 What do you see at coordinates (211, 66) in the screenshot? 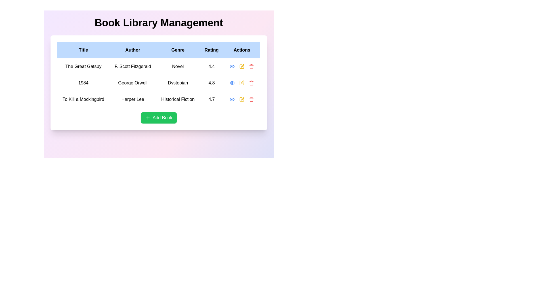
I see `the Text Label displaying the rating value '4.4' in bold, black text, located under the 'Rating' header in the first row of the table for 'The Great Gatsby'` at bounding box center [211, 66].